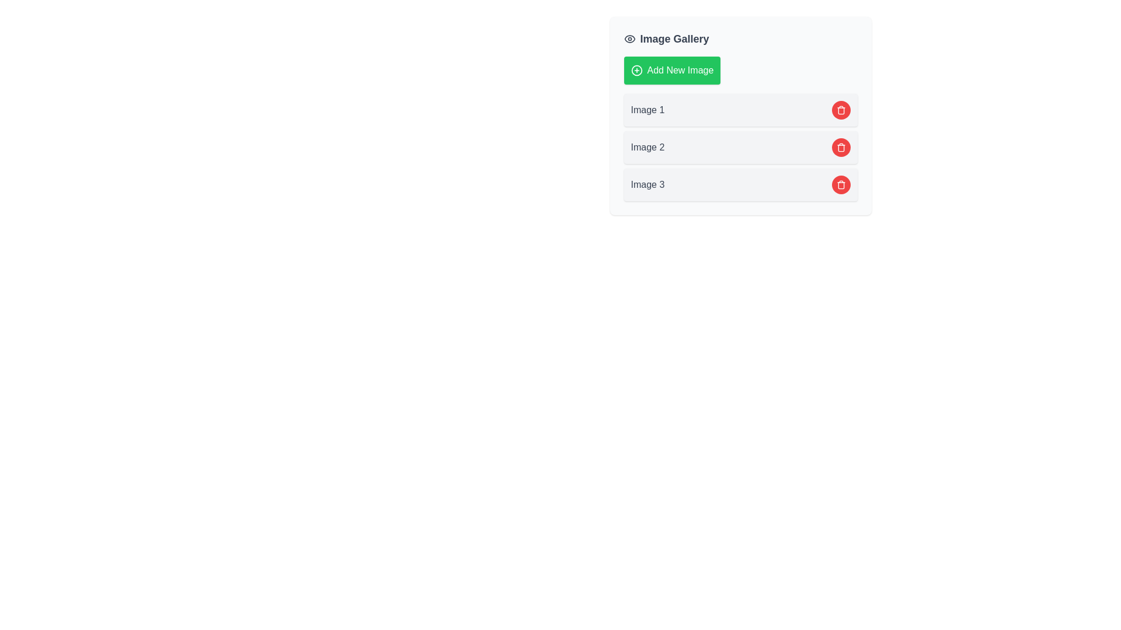 The width and height of the screenshot is (1121, 630). Describe the element at coordinates (647, 110) in the screenshot. I see `the text label displaying 'Image 1'` at that location.